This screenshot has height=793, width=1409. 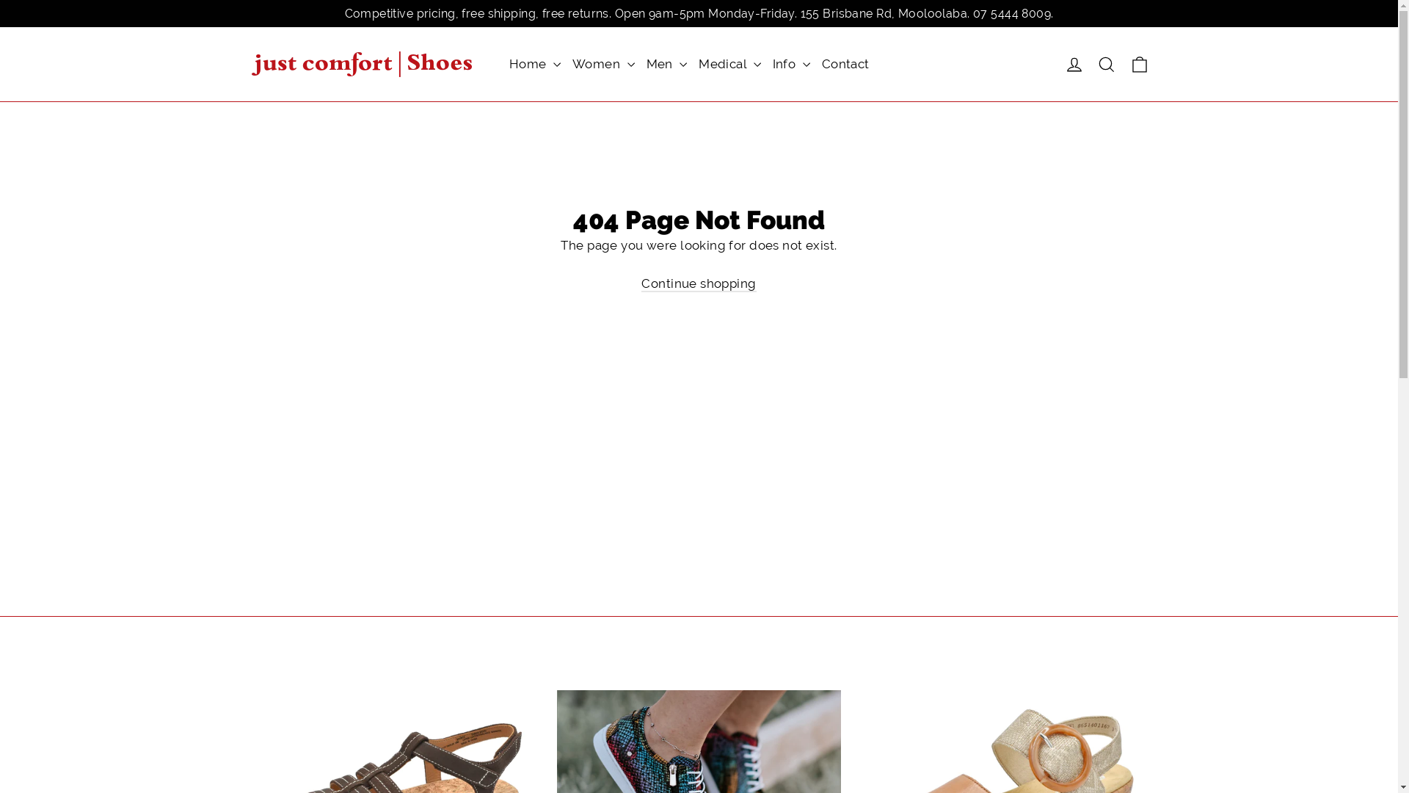 What do you see at coordinates (1122, 63) in the screenshot?
I see `'Cart'` at bounding box center [1122, 63].